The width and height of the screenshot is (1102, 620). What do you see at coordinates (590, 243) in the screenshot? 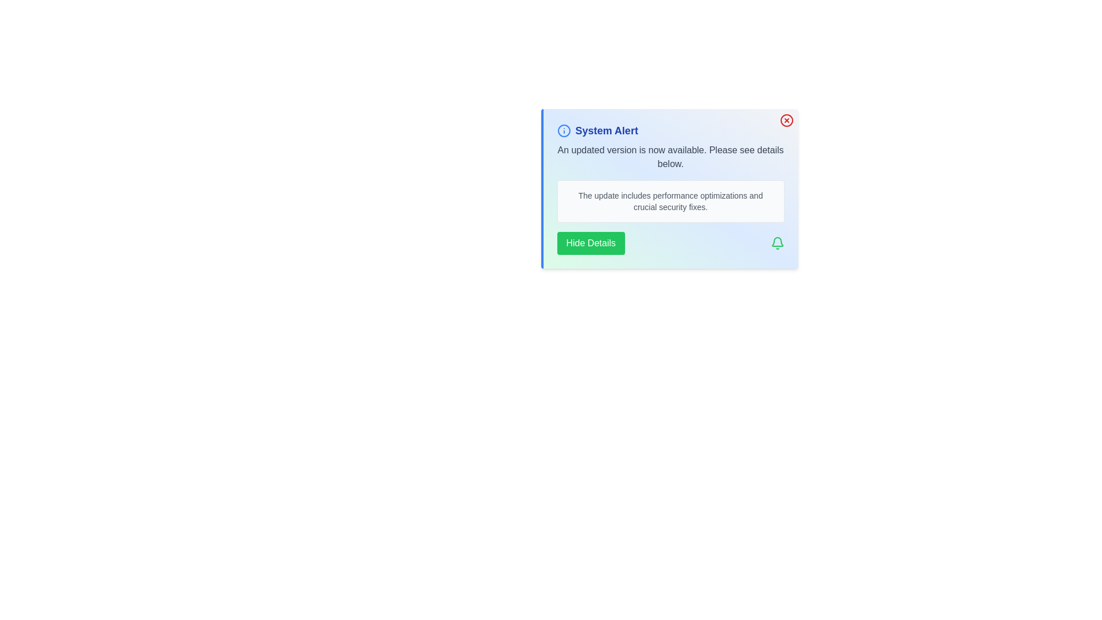
I see `'Hide Details' button to toggle the visibility of the additional details` at bounding box center [590, 243].